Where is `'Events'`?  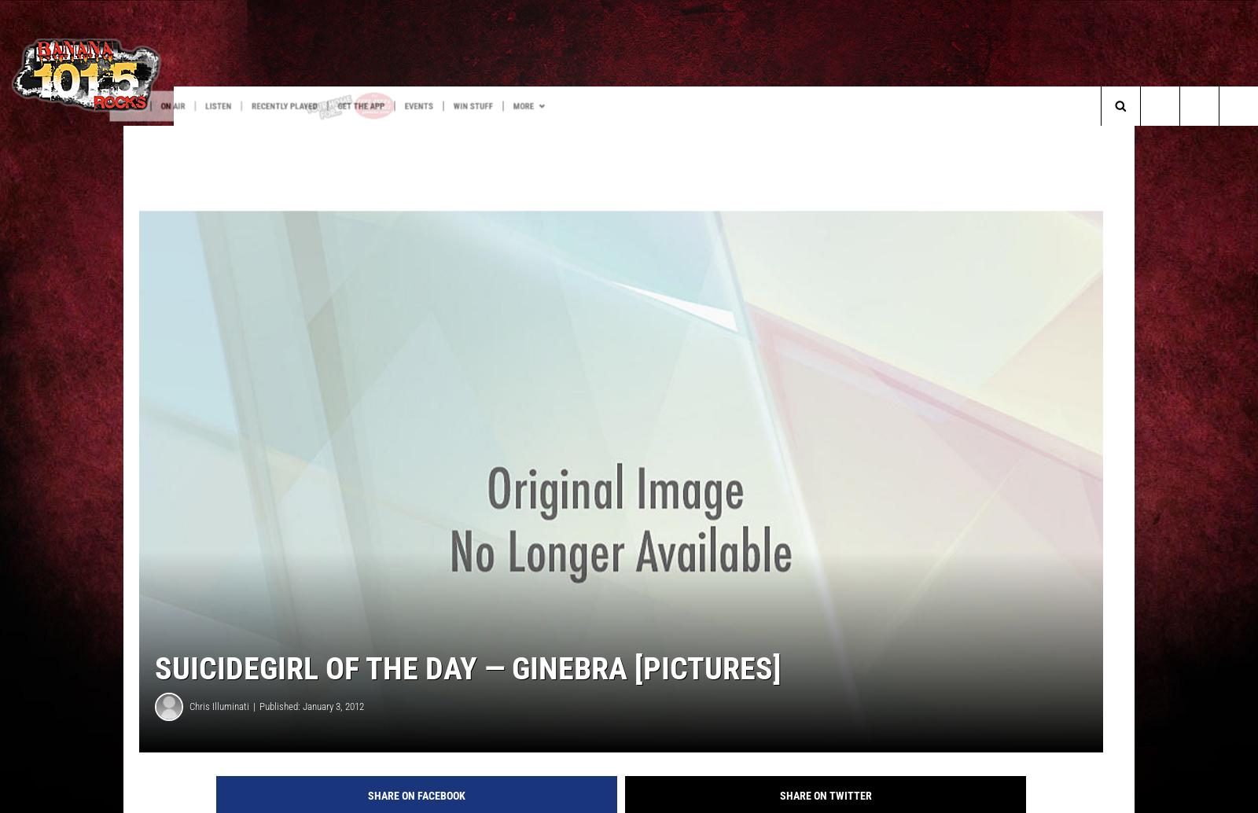
'Events' is located at coordinates (554, 106).